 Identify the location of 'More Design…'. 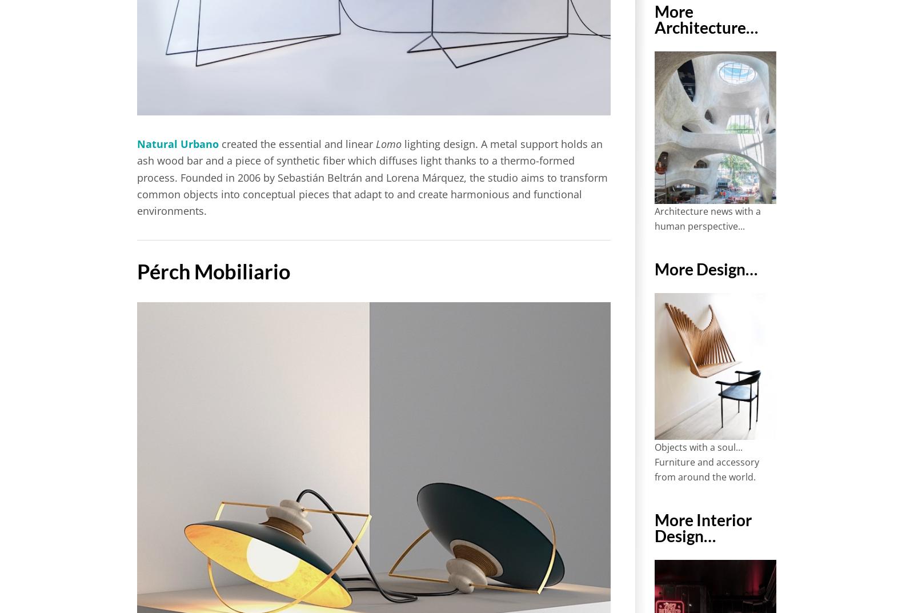
(654, 268).